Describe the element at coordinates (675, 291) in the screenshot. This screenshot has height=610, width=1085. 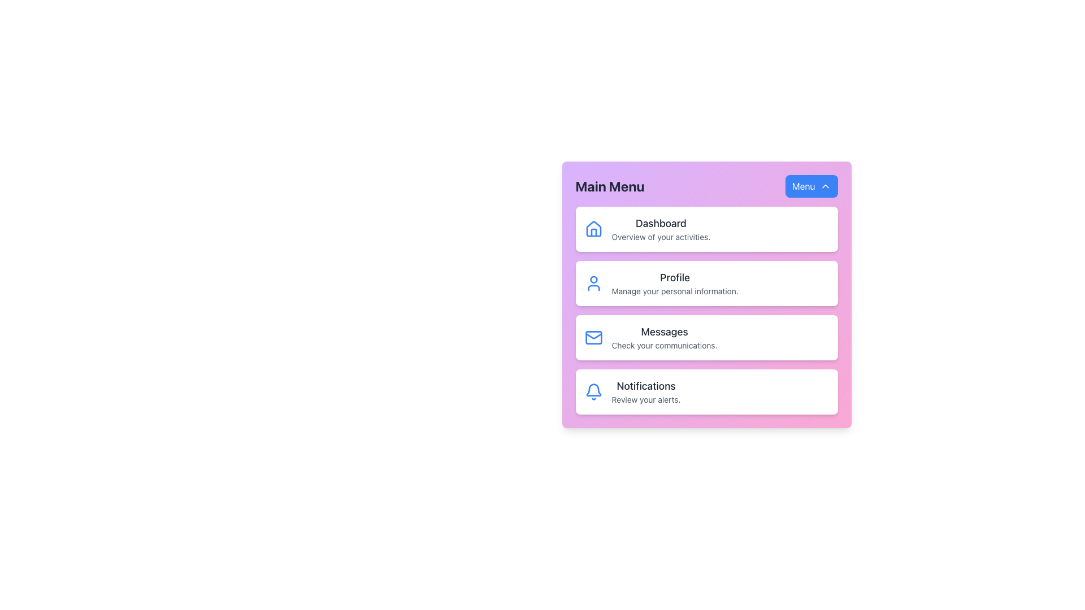
I see `the text label reading 'Manage your personal information.' which is in gray color and located below the 'Profile' text label` at that location.